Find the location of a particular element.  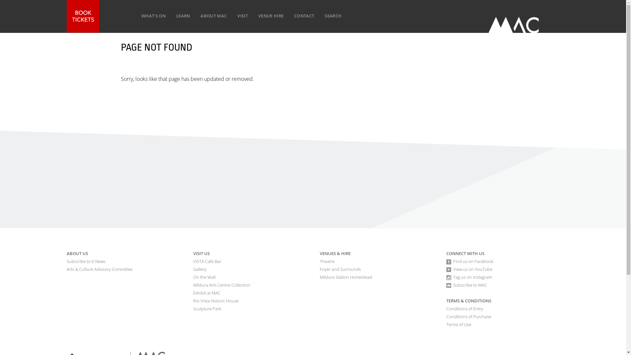

'VISIT US' is located at coordinates (201, 253).